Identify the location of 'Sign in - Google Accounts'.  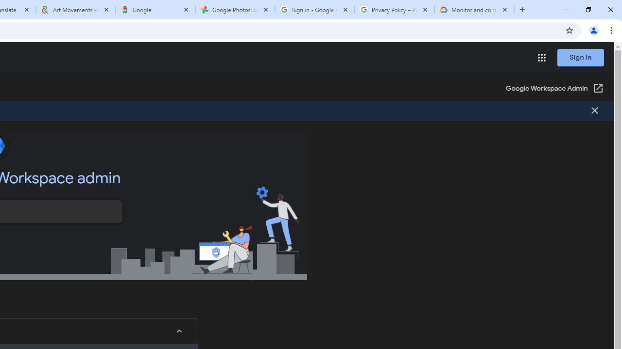
(314, 10).